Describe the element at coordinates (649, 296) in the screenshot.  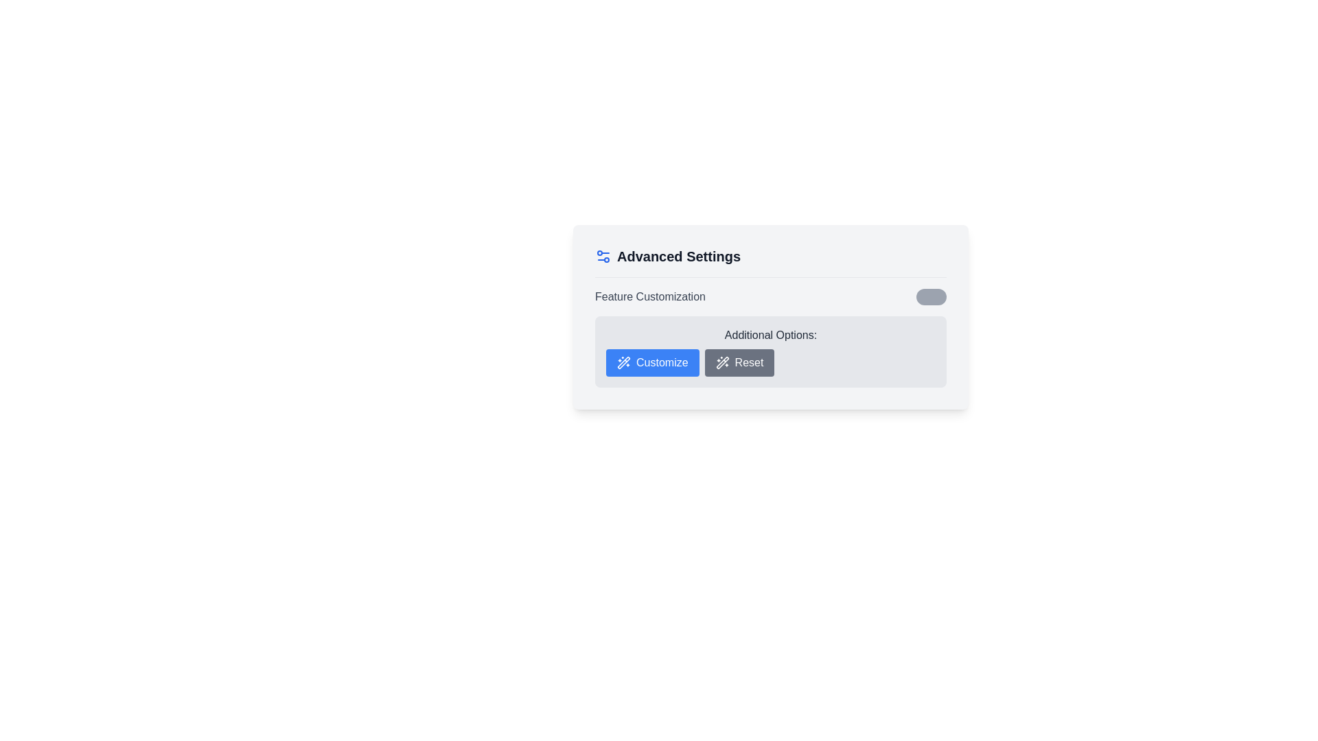
I see `the static text label 'Feature Customization', which provides descriptive information about the feature or section of the interface` at that location.